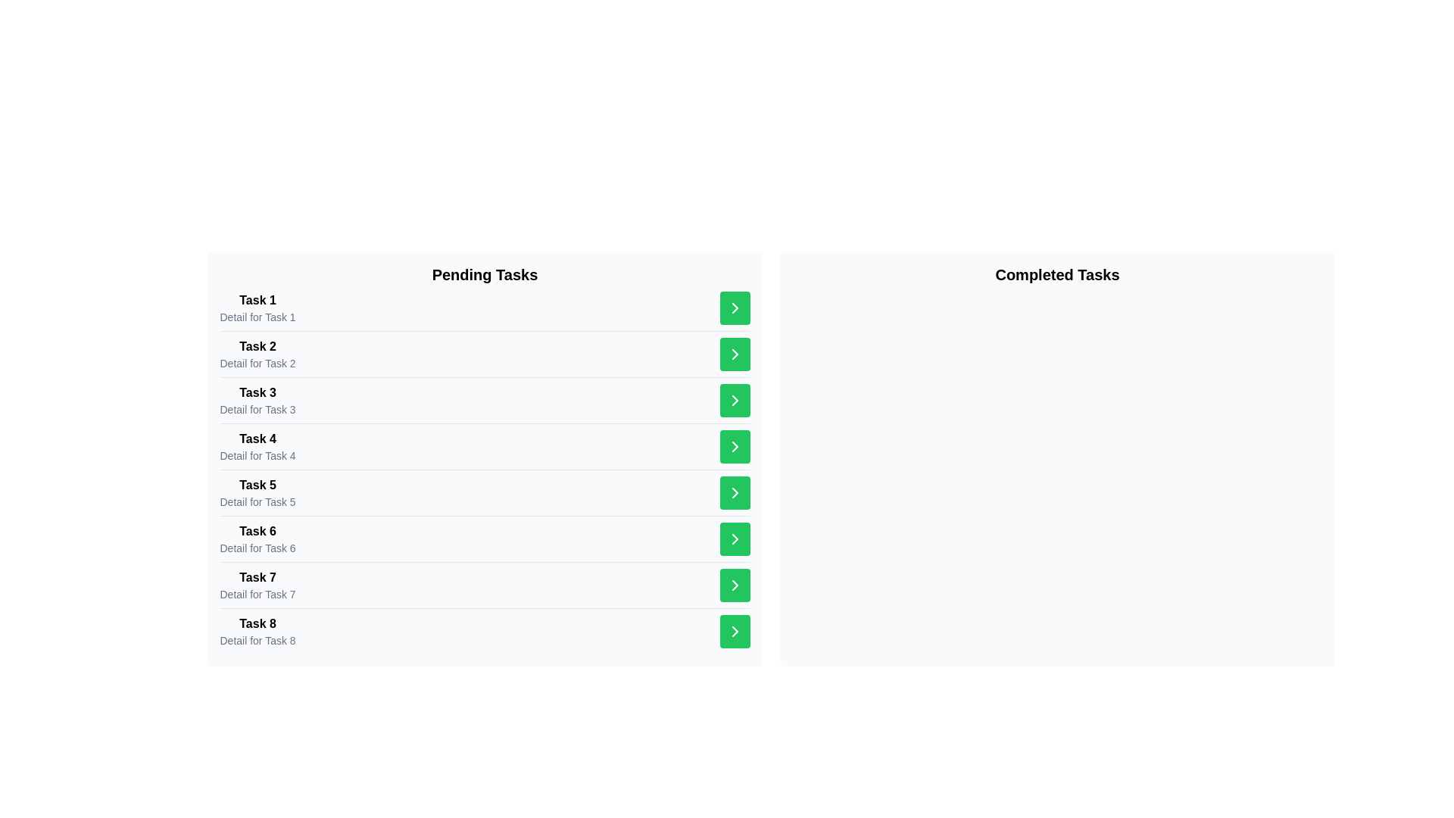 Image resolution: width=1454 pixels, height=818 pixels. What do you see at coordinates (735, 354) in the screenshot?
I see `the green 'Next' button with a right-facing arrow icon located at the far right of the second row in the 'Pending Tasks' list` at bounding box center [735, 354].